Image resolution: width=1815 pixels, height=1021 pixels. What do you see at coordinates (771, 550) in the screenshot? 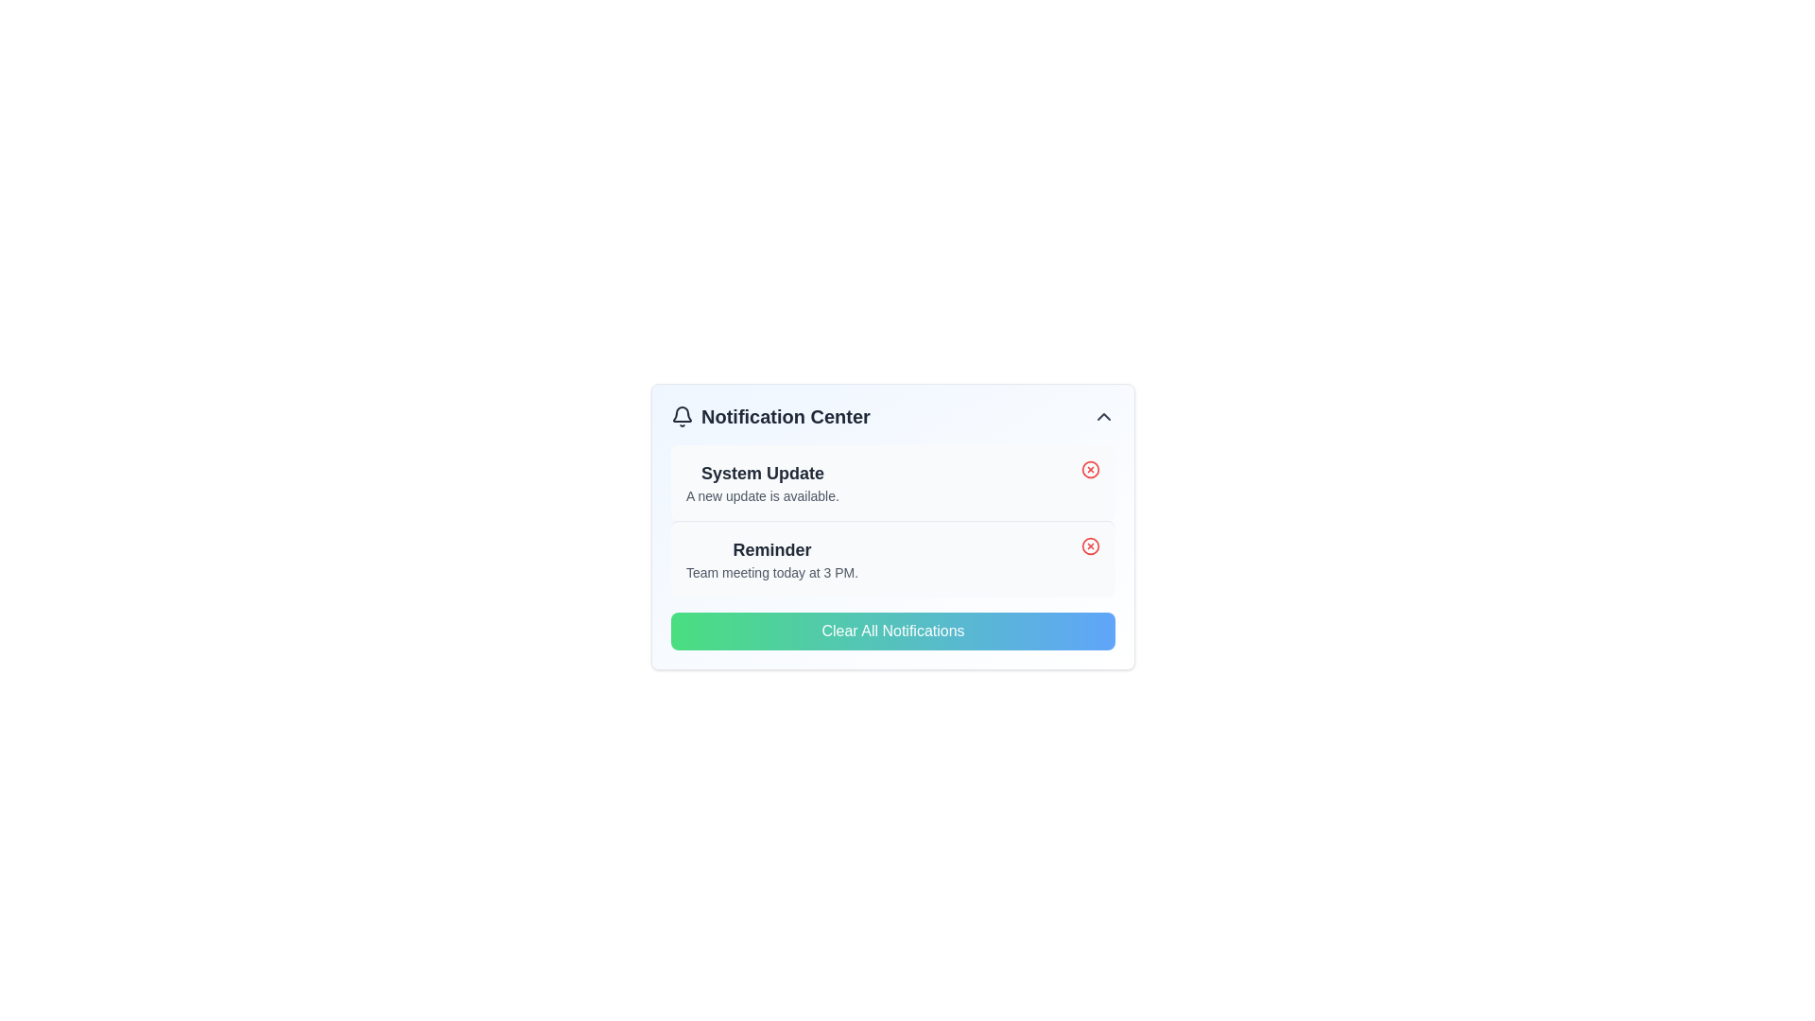
I see `the 'Reminder' text label, which is bold, large, and styled in gray, located at the top of a notification section in the notification center interface` at bounding box center [771, 550].